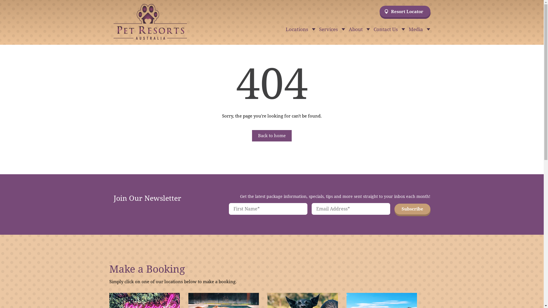  What do you see at coordinates (271, 135) in the screenshot?
I see `'Back to home'` at bounding box center [271, 135].